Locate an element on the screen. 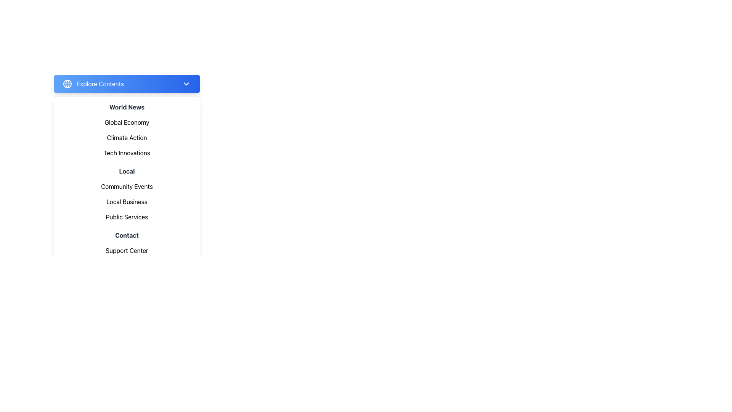 The height and width of the screenshot is (412, 732). the chevron icon located at the rightmost end of the blue button labeled 'Explore Contents' is located at coordinates (186, 84).